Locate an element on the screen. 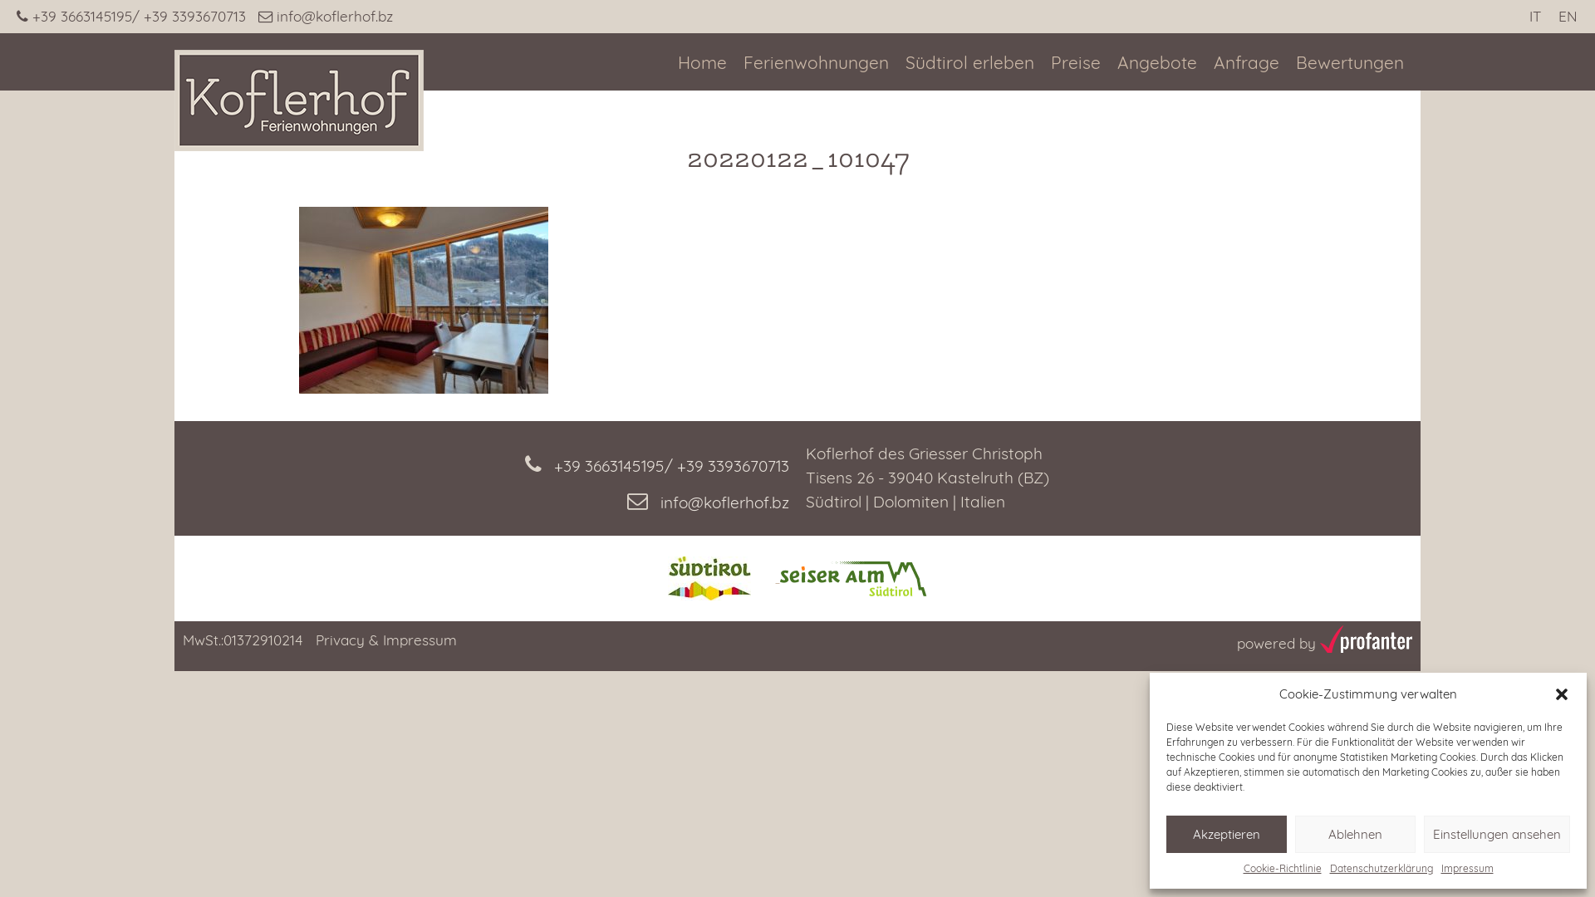 This screenshot has width=1595, height=897. 'Impressum' is located at coordinates (1439, 867).